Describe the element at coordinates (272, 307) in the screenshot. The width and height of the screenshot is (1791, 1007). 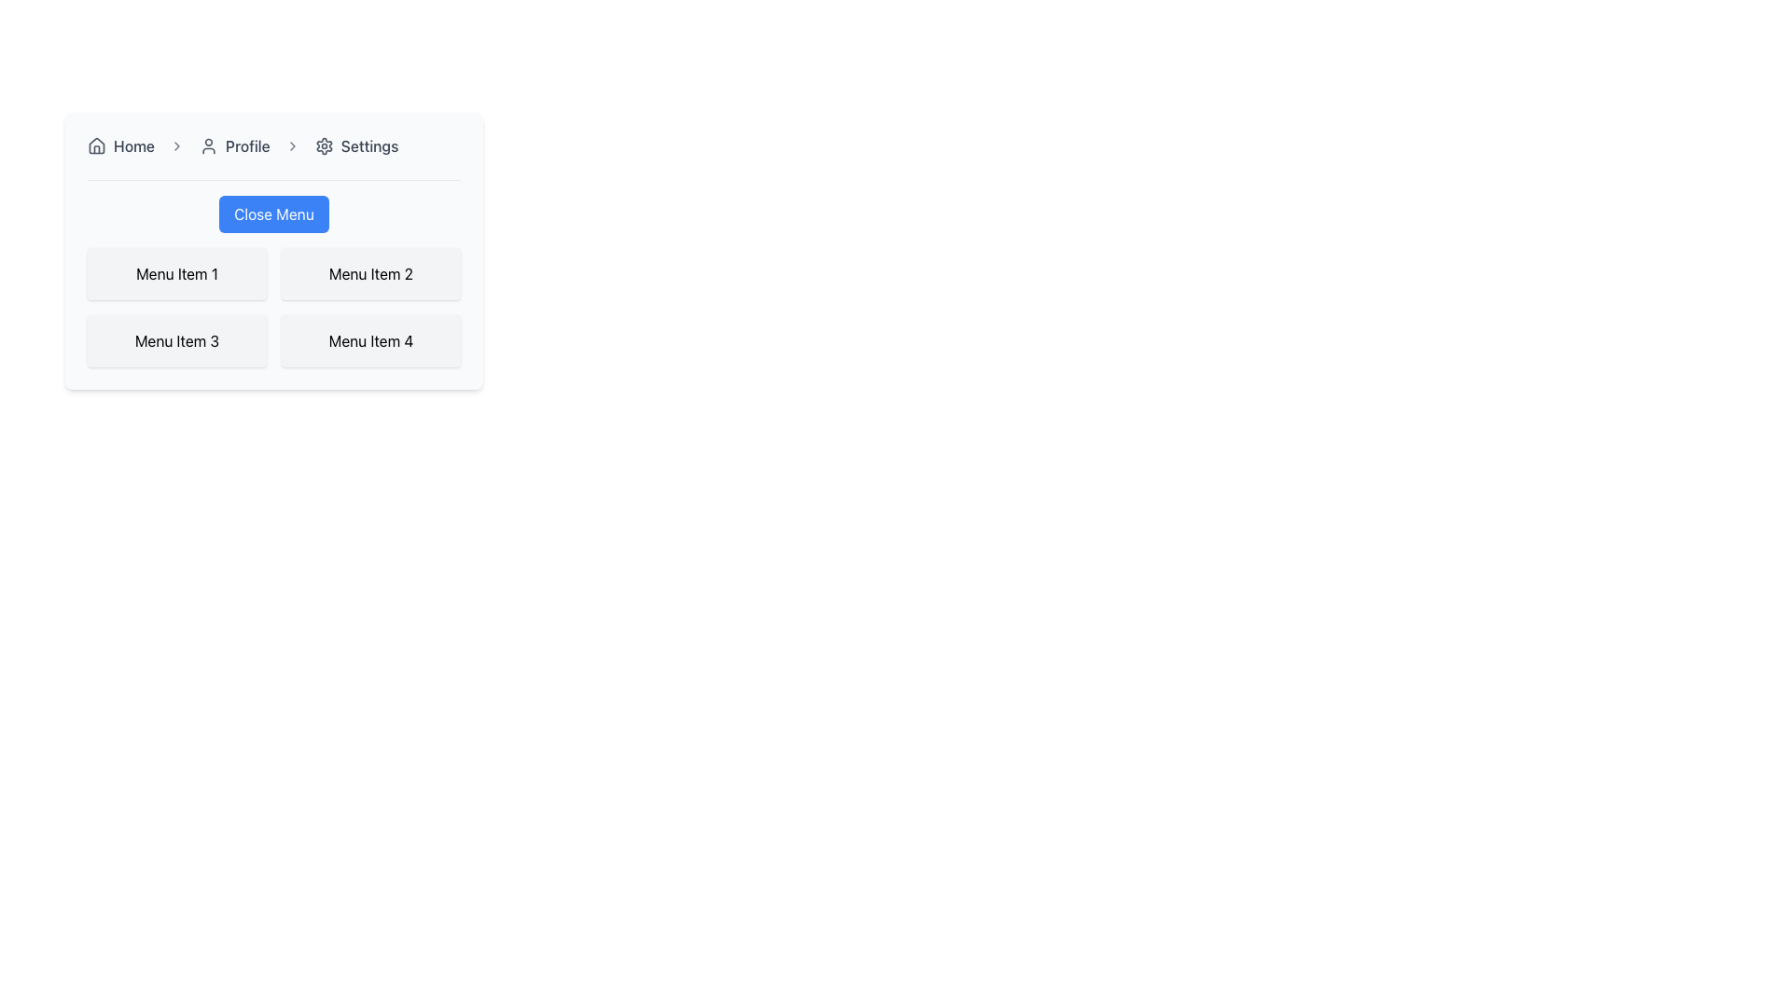
I see `the second interactive item within the menu block located below the 'Close Menu' button by` at that location.